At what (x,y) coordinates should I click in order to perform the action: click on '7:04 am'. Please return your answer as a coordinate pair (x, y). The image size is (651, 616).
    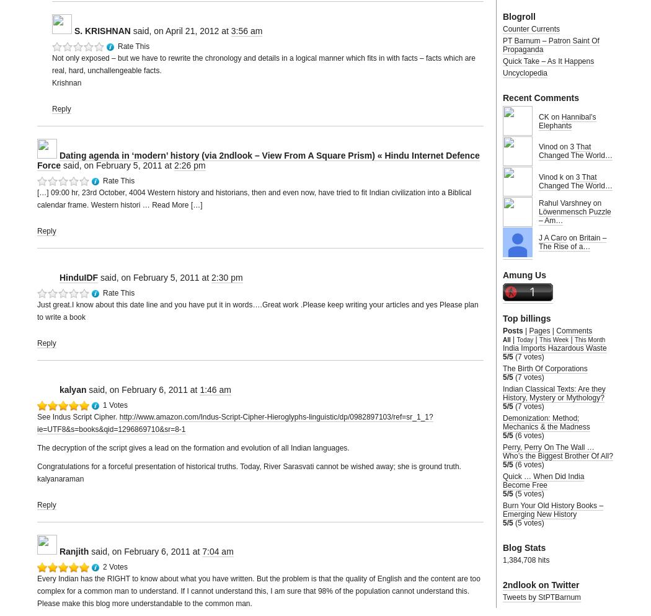
    Looking at the image, I should click on (217, 551).